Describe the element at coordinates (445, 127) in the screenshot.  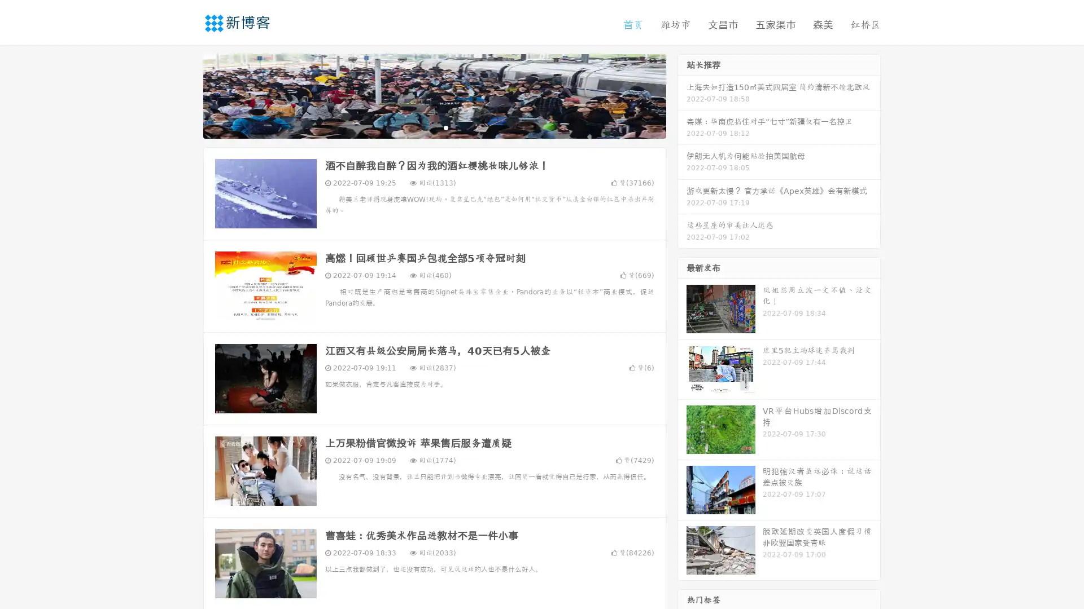
I see `Go to slide 3` at that location.